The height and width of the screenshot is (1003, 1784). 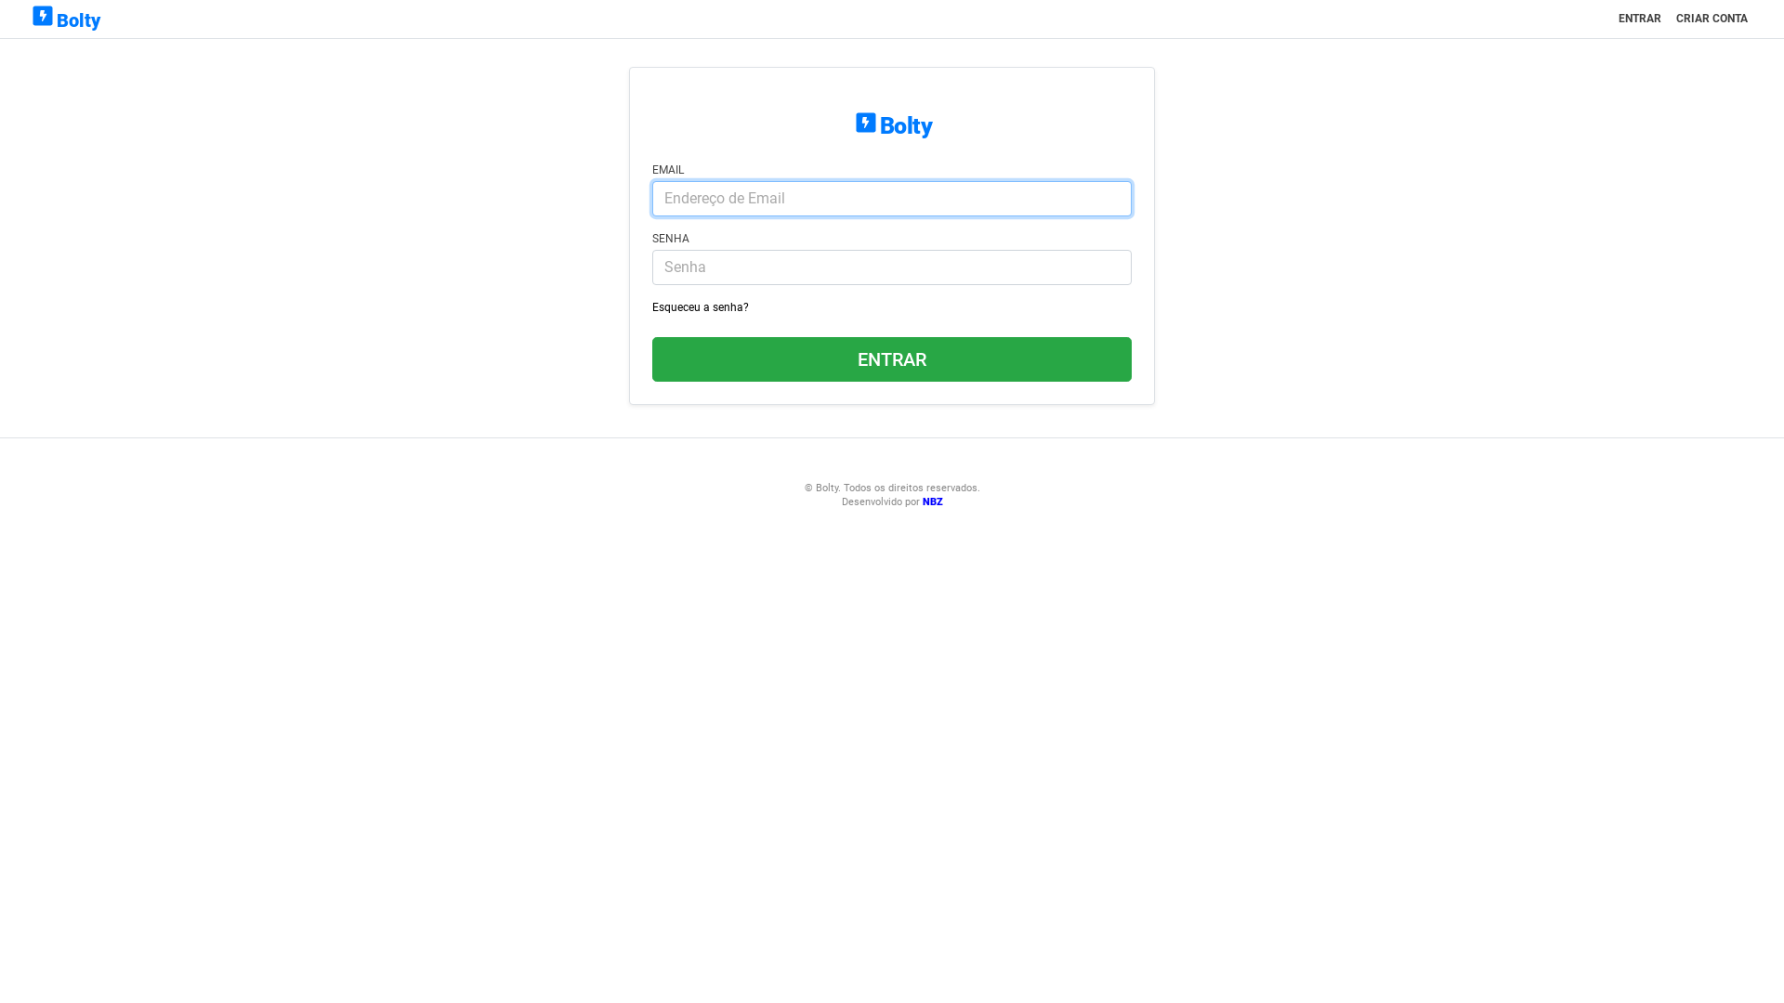 What do you see at coordinates (651, 358) in the screenshot?
I see `'ENTRAR'` at bounding box center [651, 358].